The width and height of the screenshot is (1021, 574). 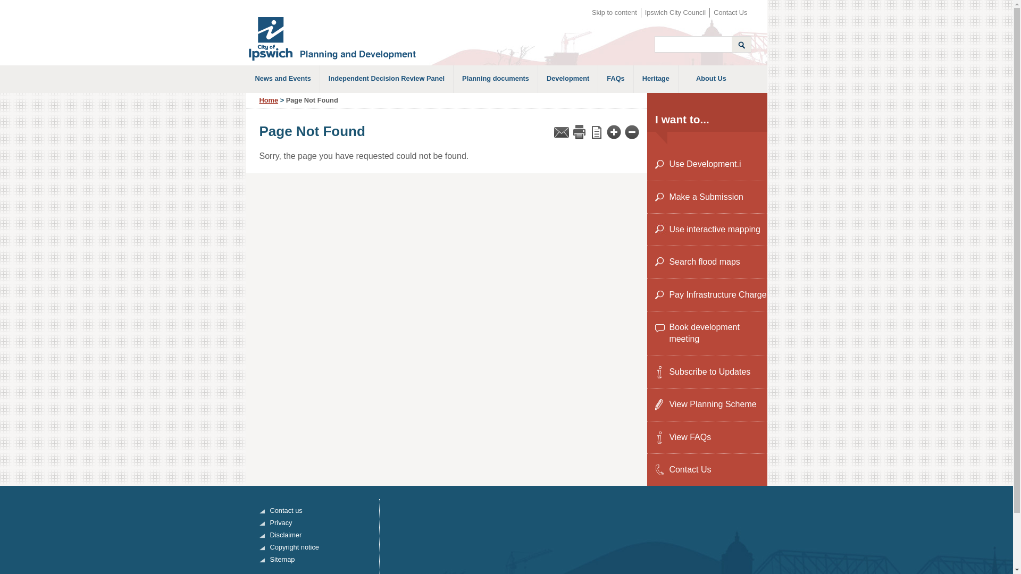 I want to click on 'Disclaimer', so click(x=324, y=535).